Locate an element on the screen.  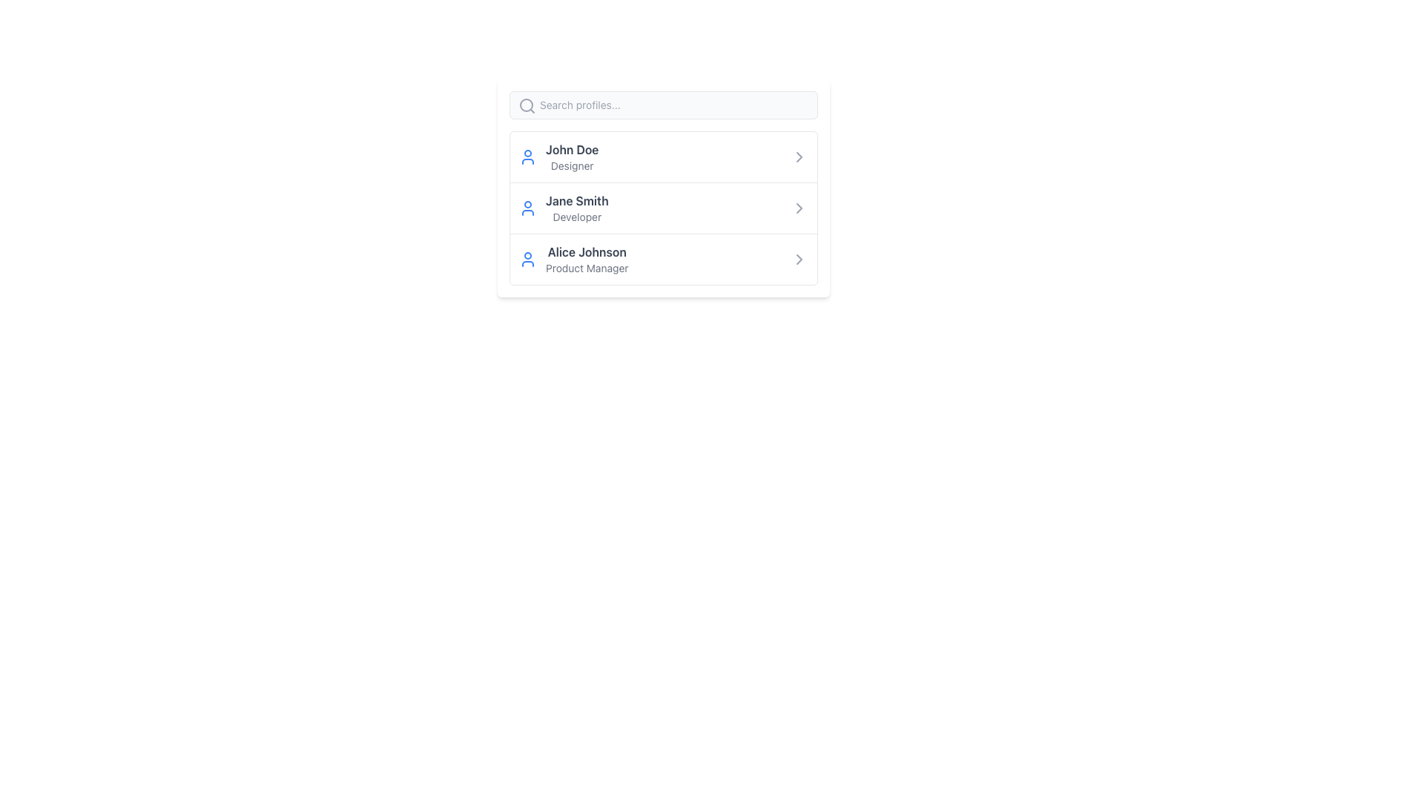
the text display element showing 'Jane Smith' and 'Developer' to make a selection is located at coordinates (576, 208).